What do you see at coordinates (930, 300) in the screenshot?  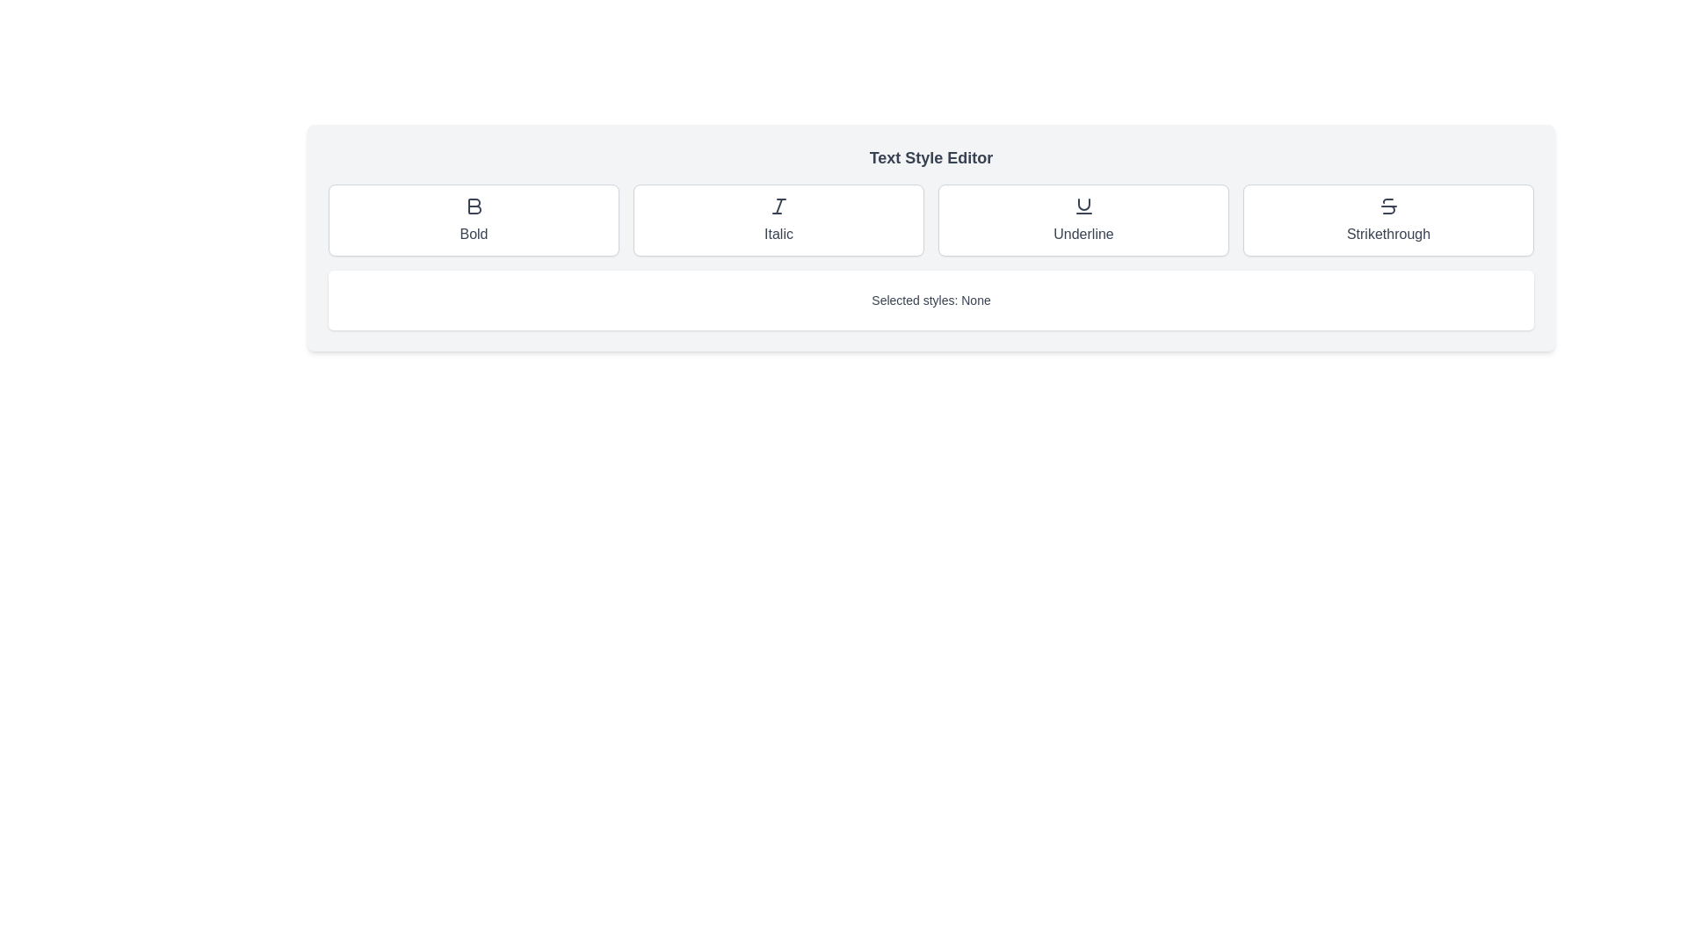 I see `the Informational display box that shows 'Selected styles: None', which has a white background and is located below the style buttons in the 'Text Style Editor' section` at bounding box center [930, 300].